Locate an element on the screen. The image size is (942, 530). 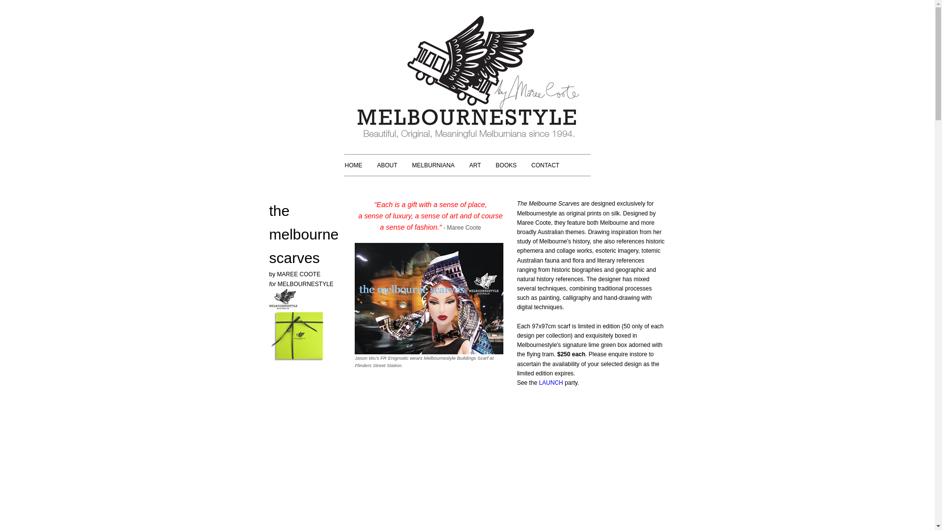
'CONTACT' is located at coordinates (545, 164).